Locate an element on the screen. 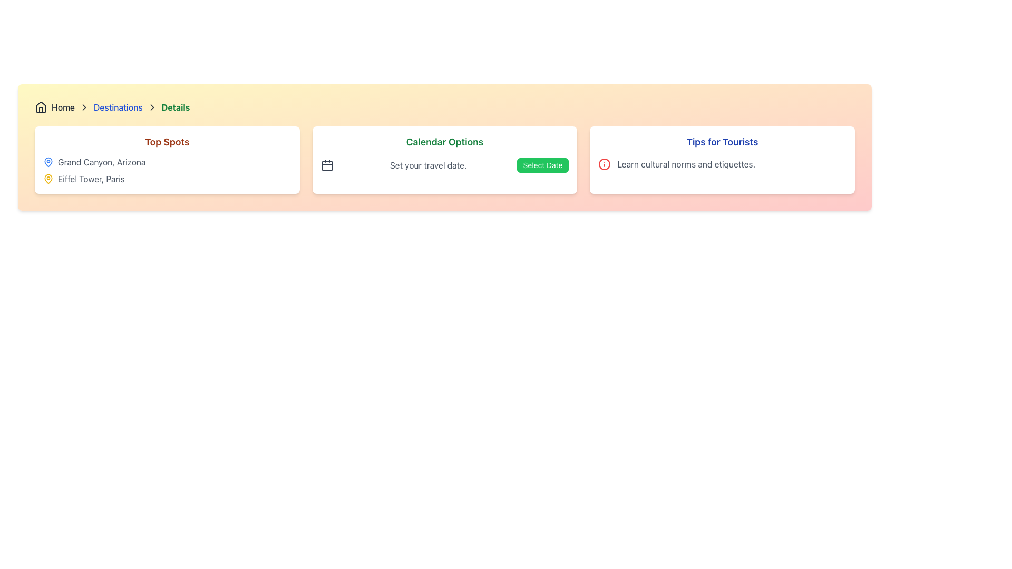 Image resolution: width=1012 pixels, height=569 pixels. the 'Home' hyperlink in the breadcrumb navigation bar is located at coordinates (54, 107).